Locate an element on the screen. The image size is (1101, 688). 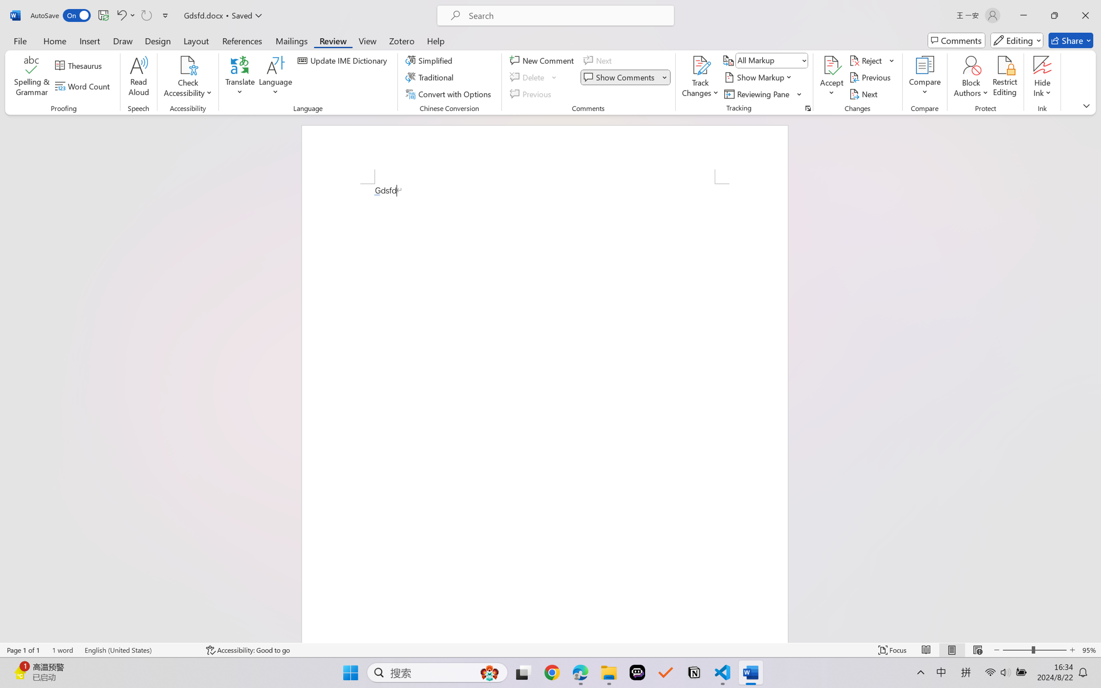
'Track Changes' is located at coordinates (700, 77).